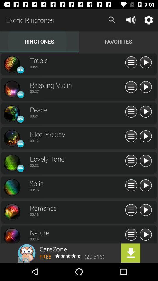 The width and height of the screenshot is (158, 281). What do you see at coordinates (145, 185) in the screenshot?
I see `the media file` at bounding box center [145, 185].